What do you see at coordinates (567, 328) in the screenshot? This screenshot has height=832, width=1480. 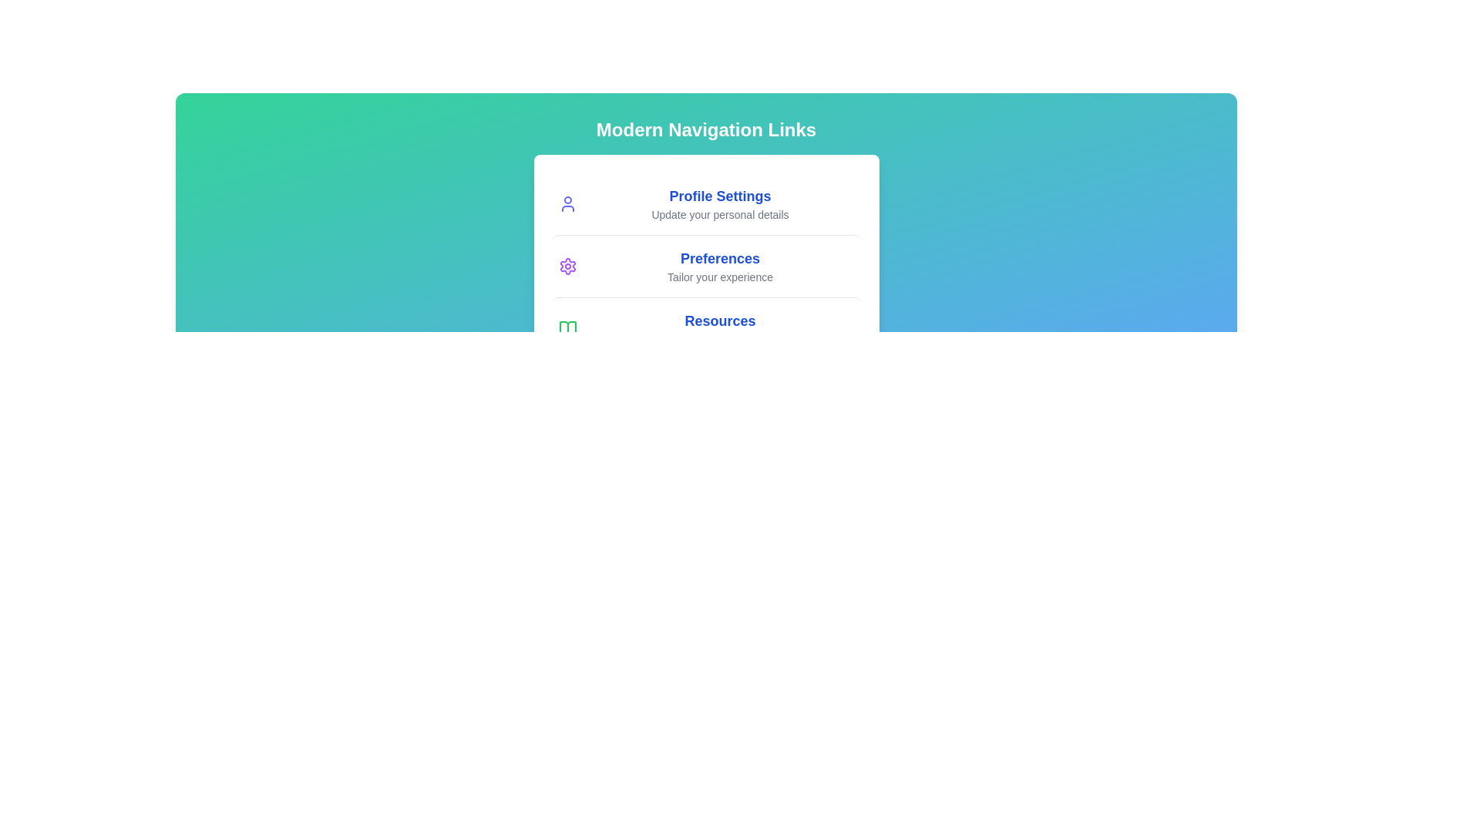 I see `the open book icon, which is green and has a sharp outline, located to the left of the 'Resources' text in the Modern Navigation Links section of the vertical menu` at bounding box center [567, 328].